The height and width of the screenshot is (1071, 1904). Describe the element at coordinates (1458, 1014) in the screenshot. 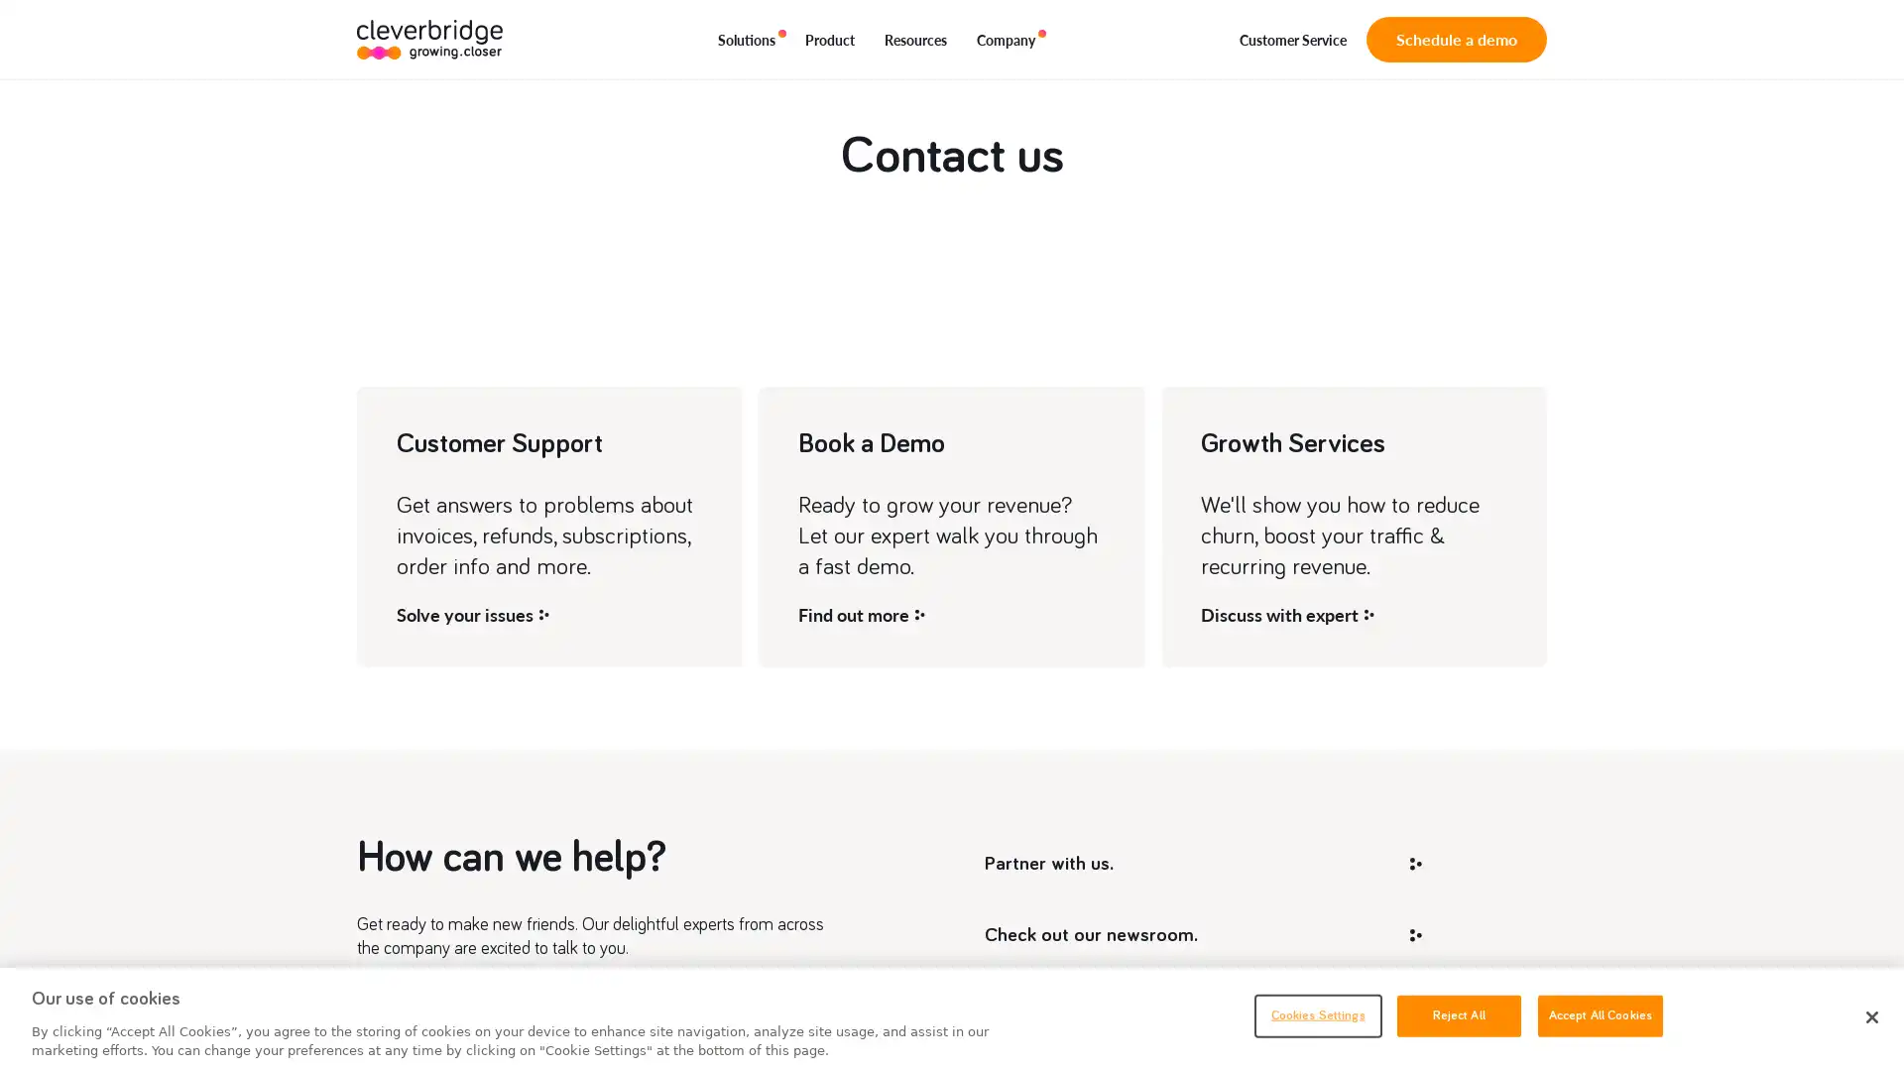

I see `Reject All` at that location.